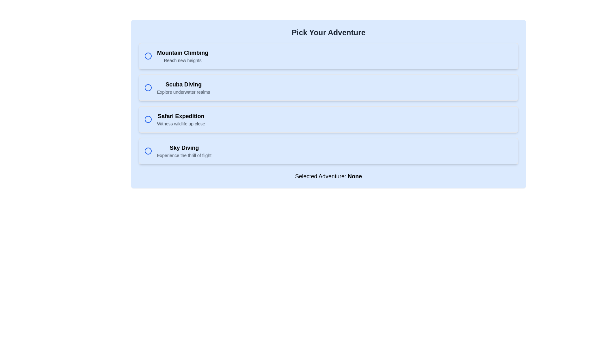 Image resolution: width=608 pixels, height=342 pixels. I want to click on the circular radio button styled with a blue border, located to the left of the text 'Safari Expedition' and 'Witness wildlife up close' in the adventure selection group, so click(148, 119).